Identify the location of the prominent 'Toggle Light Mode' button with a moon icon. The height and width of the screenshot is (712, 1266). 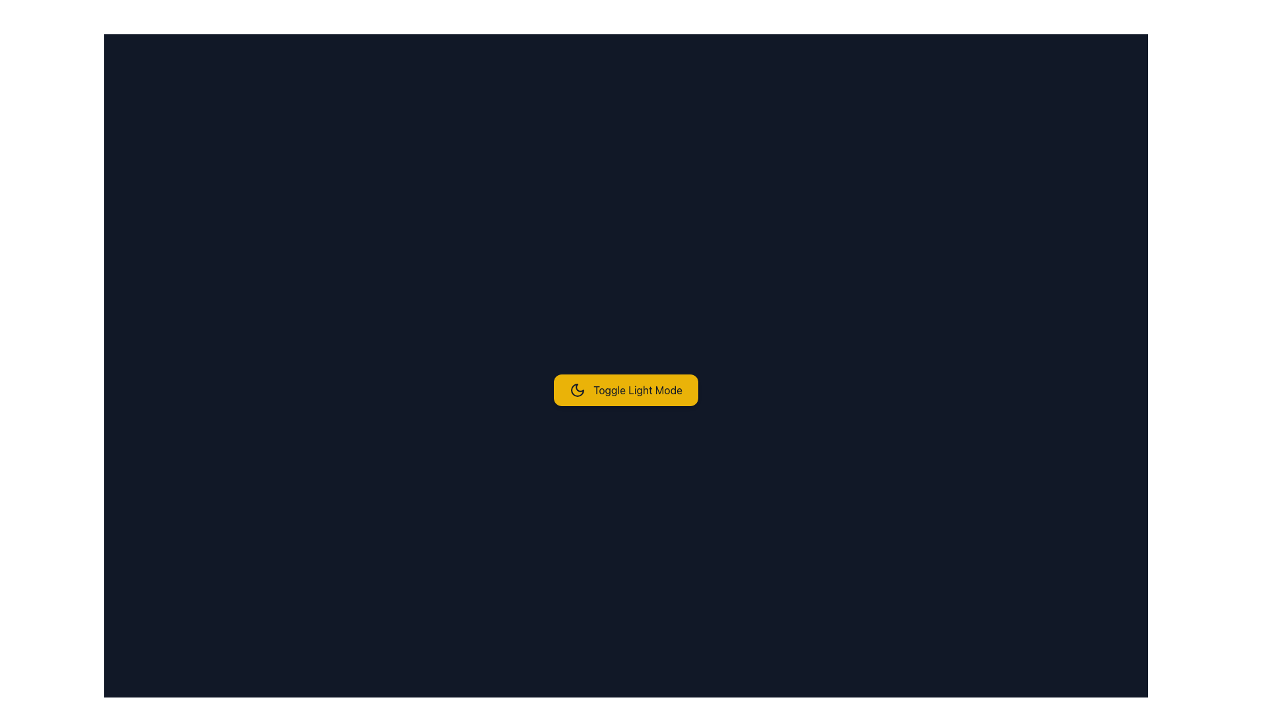
(625, 389).